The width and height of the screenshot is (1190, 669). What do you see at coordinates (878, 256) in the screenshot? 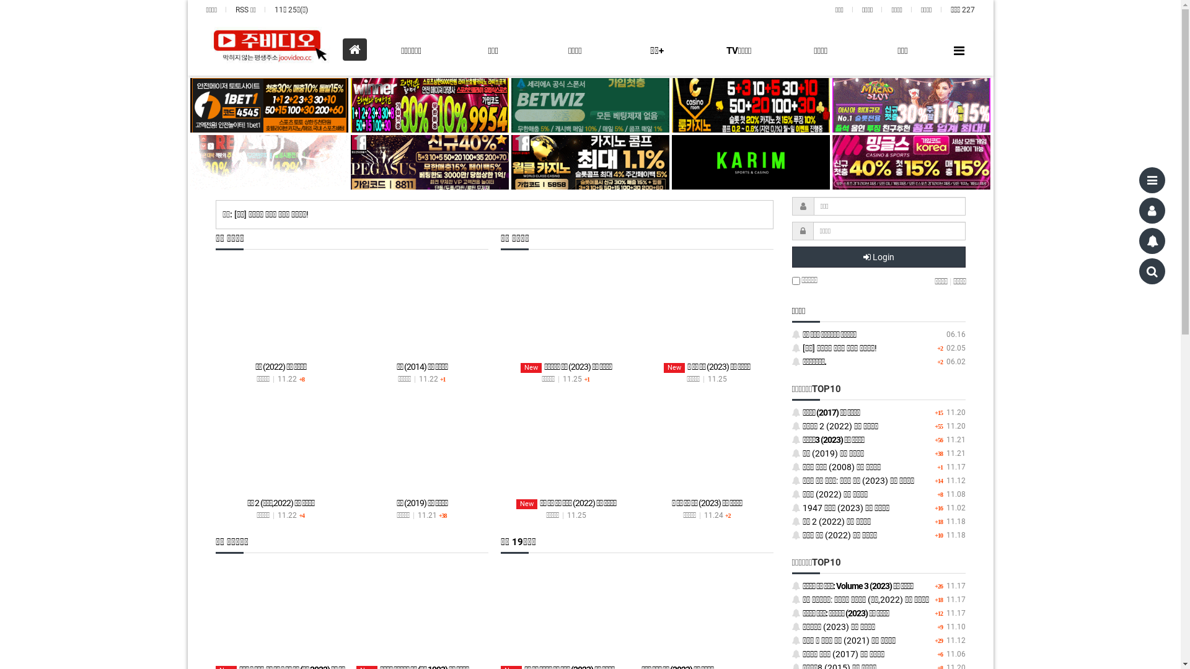
I see `'Login'` at bounding box center [878, 256].